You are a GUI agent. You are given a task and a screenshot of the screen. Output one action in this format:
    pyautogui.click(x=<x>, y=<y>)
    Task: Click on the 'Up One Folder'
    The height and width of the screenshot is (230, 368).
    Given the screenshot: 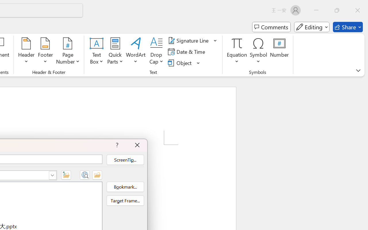 What is the action you would take?
    pyautogui.click(x=66, y=175)
    